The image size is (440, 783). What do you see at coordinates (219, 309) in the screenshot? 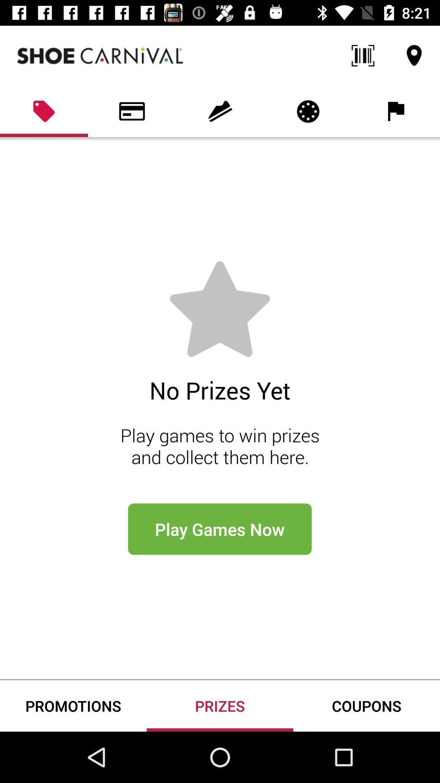
I see `the star icon which is above the no prizes yet` at bounding box center [219, 309].